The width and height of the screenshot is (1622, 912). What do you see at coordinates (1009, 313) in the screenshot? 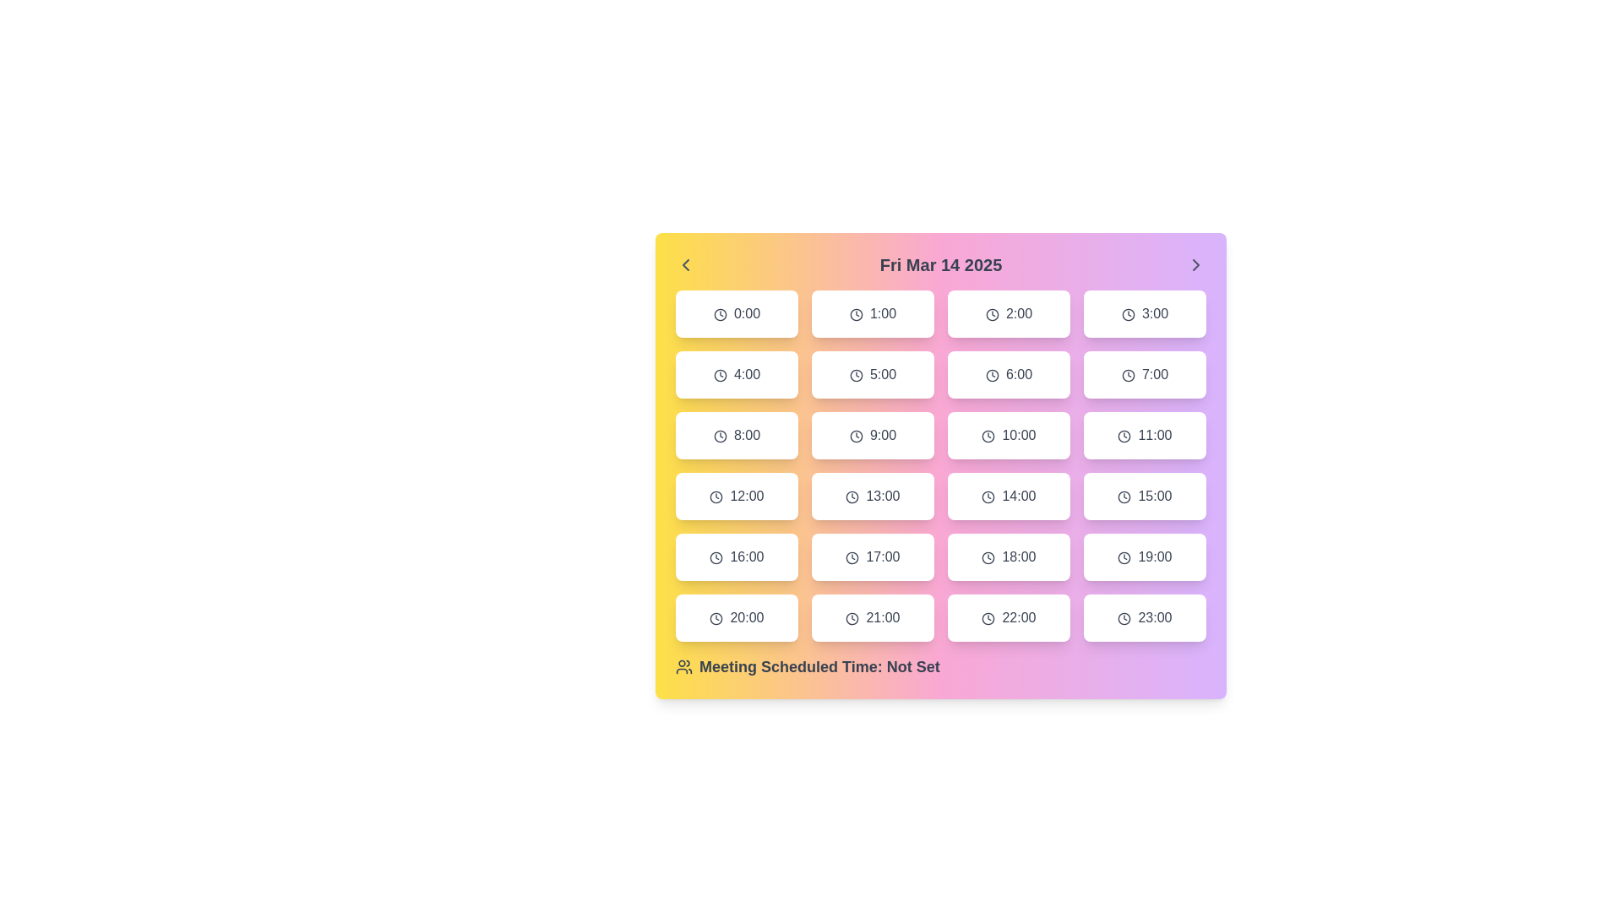
I see `the rectangular button with rounded corners displaying '2:00' in gray font to observe the scaling effect` at bounding box center [1009, 313].